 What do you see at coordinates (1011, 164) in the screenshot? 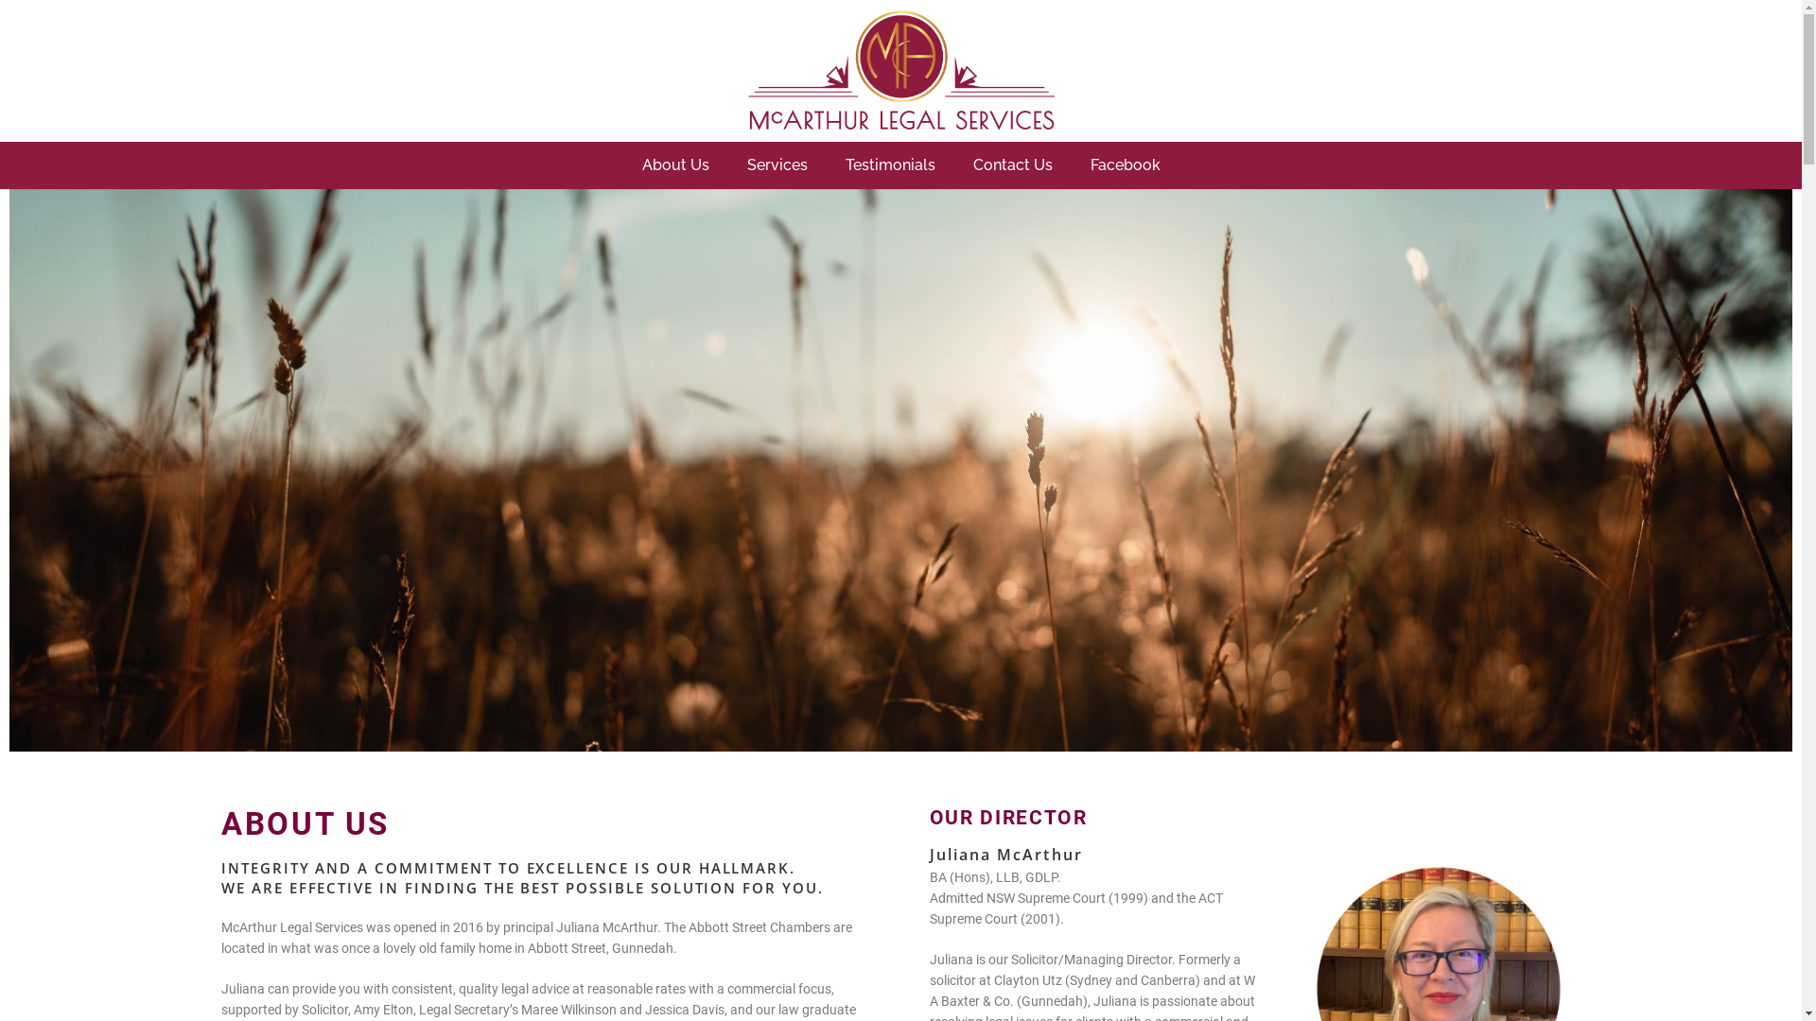
I see `'Contact Us'` at bounding box center [1011, 164].